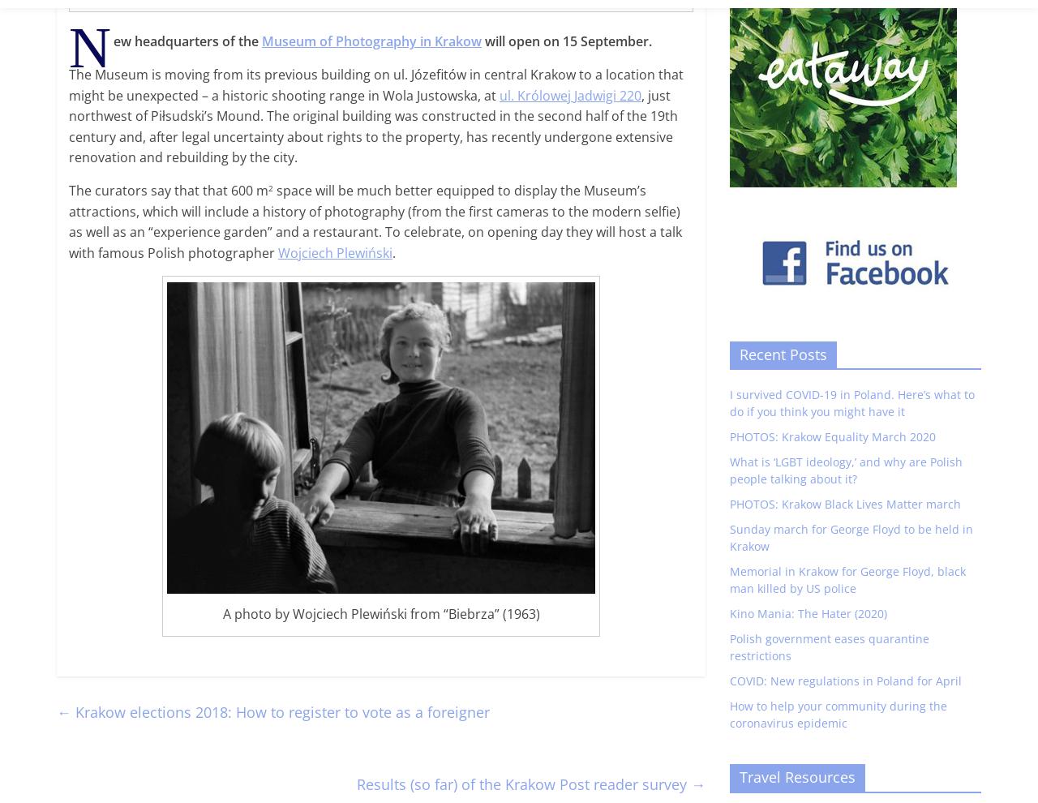  Describe the element at coordinates (808, 613) in the screenshot. I see `'Kino Mania: The Hater (2020)'` at that location.